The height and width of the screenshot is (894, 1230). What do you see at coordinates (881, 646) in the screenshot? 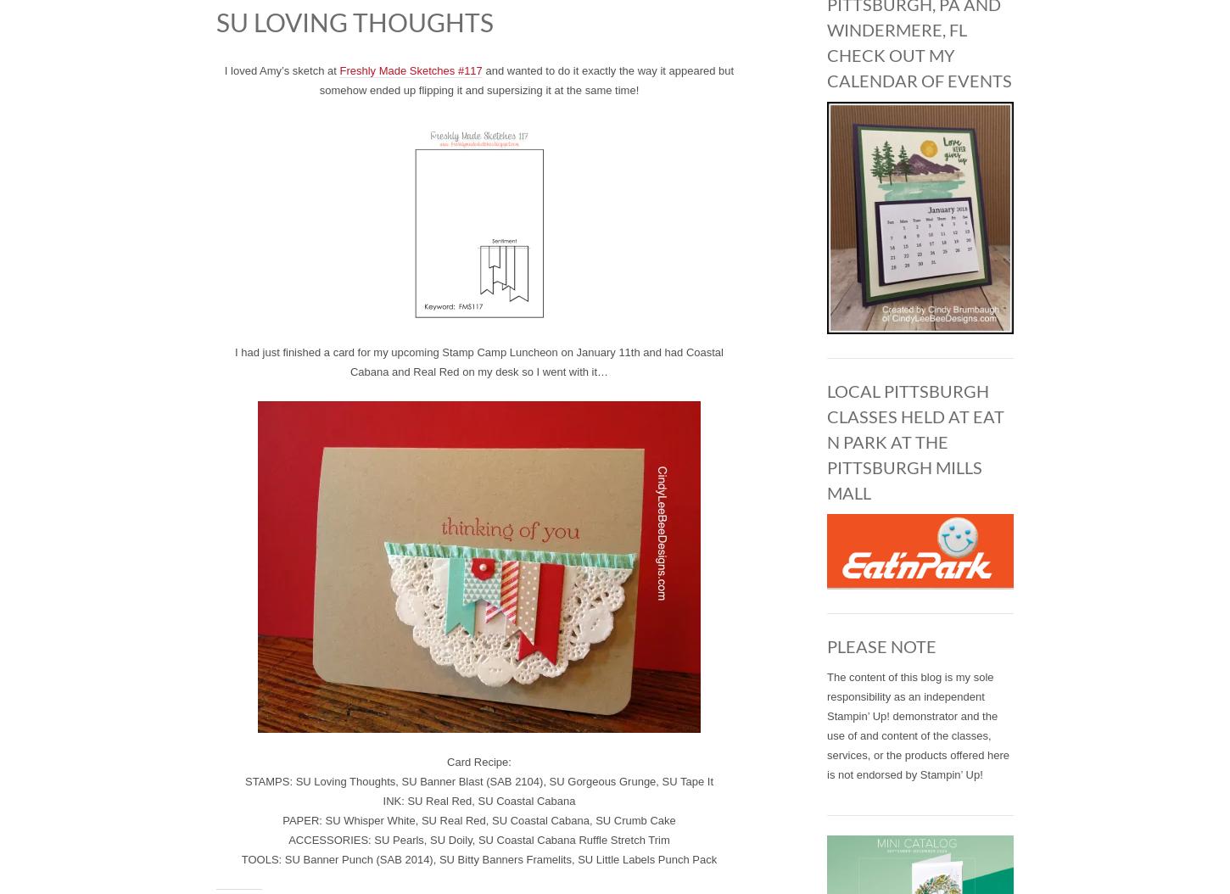
I see `'PLEASE NOTE'` at bounding box center [881, 646].